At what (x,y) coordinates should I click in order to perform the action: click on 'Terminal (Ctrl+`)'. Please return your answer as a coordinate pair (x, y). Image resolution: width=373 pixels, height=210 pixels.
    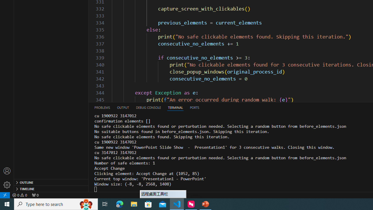
    Looking at the image, I should click on (175, 107).